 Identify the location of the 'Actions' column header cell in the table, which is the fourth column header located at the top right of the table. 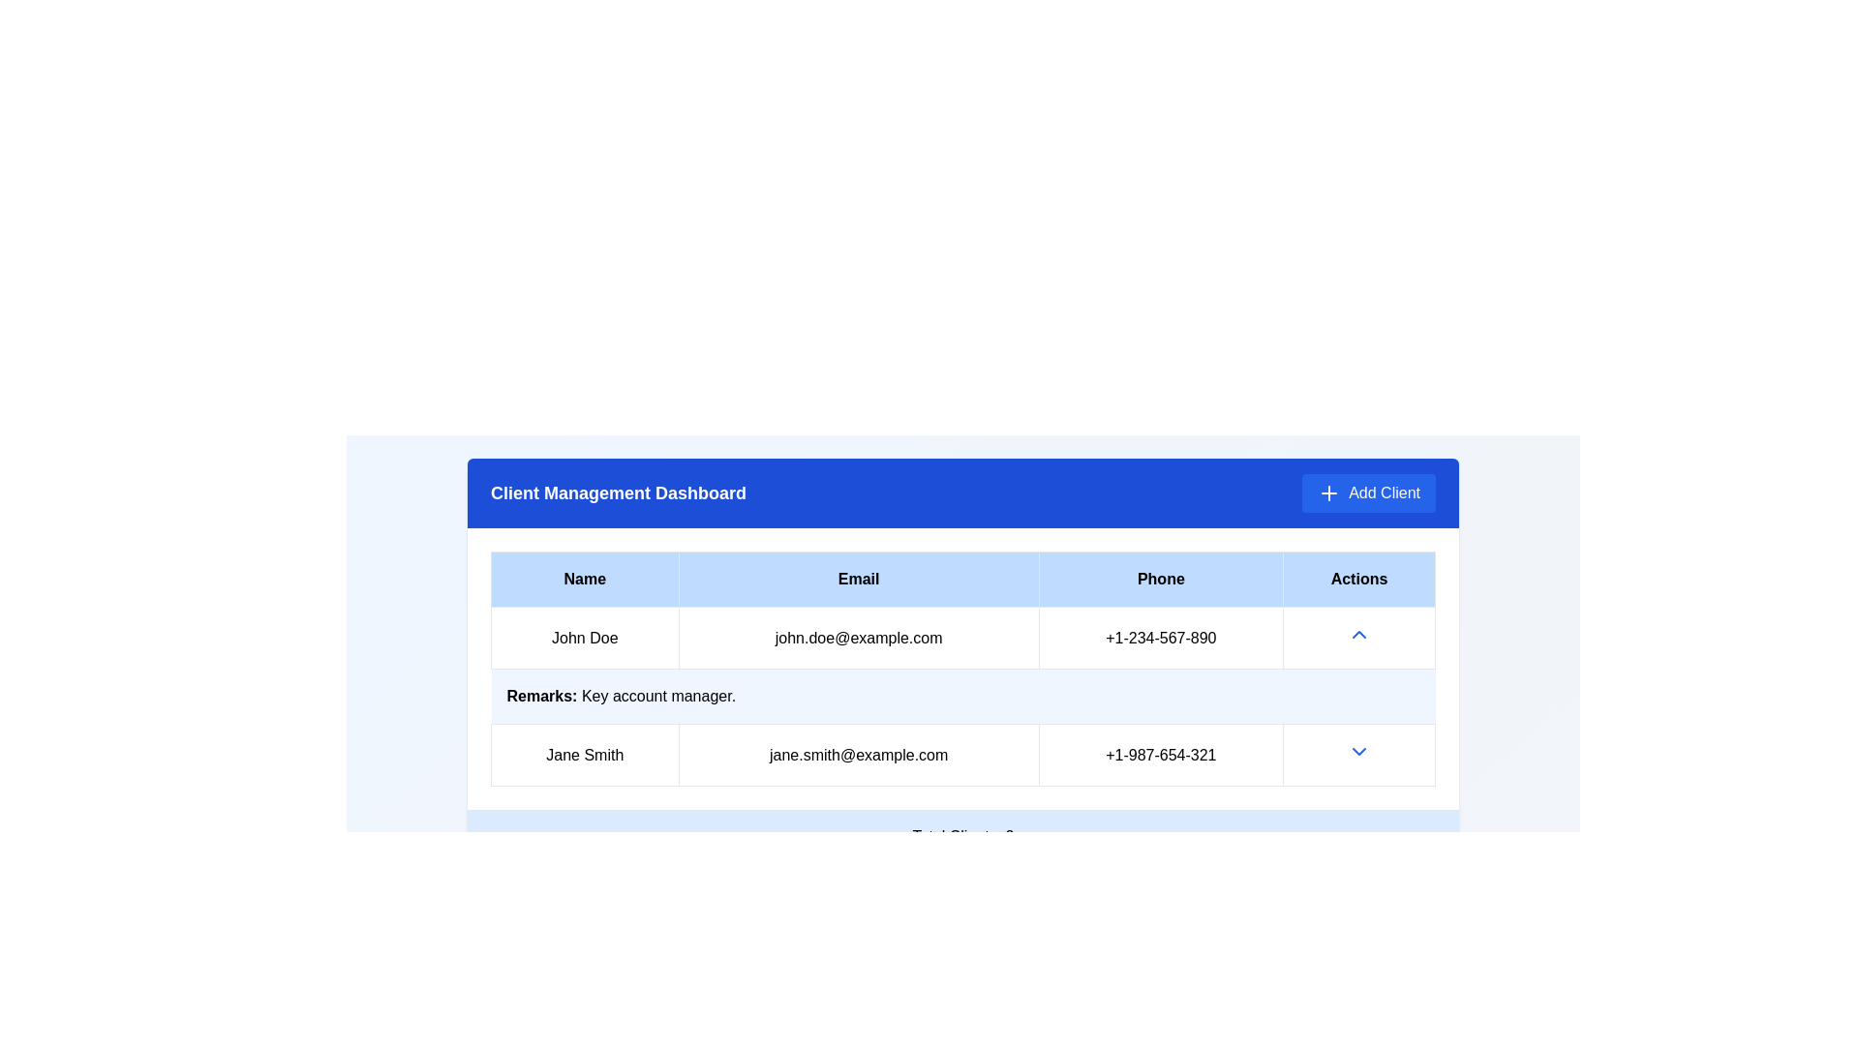
(1357, 578).